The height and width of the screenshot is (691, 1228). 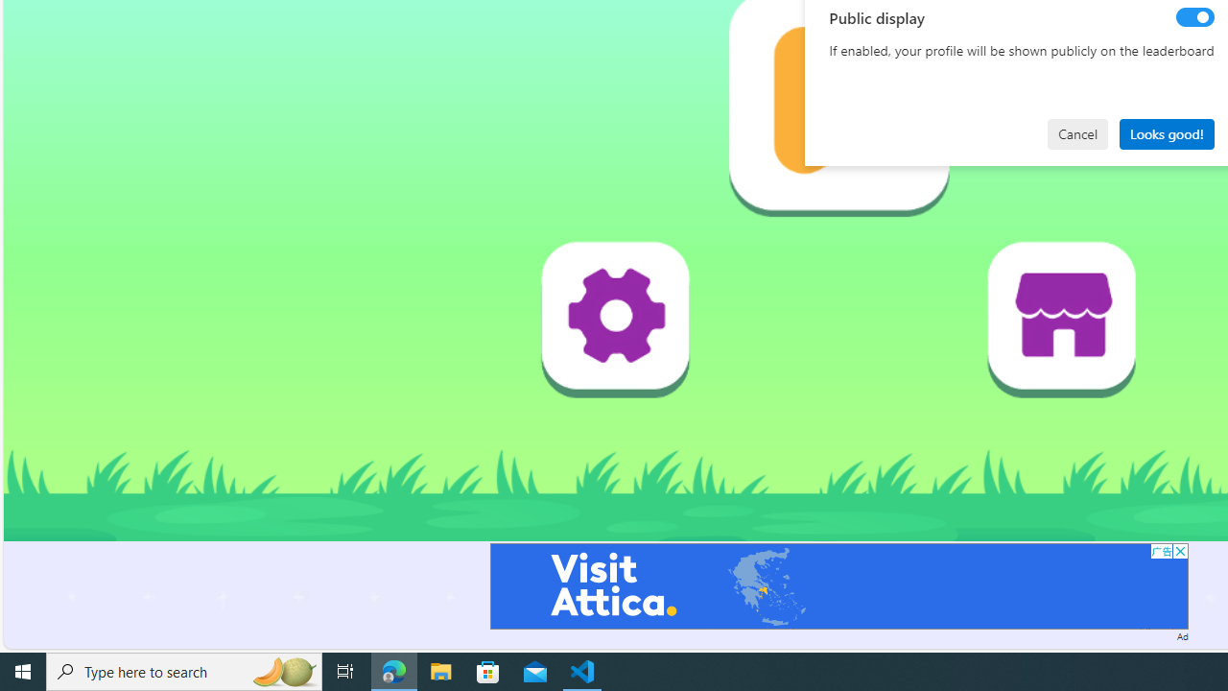 I want to click on 'Looks good!', so click(x=1166, y=132).